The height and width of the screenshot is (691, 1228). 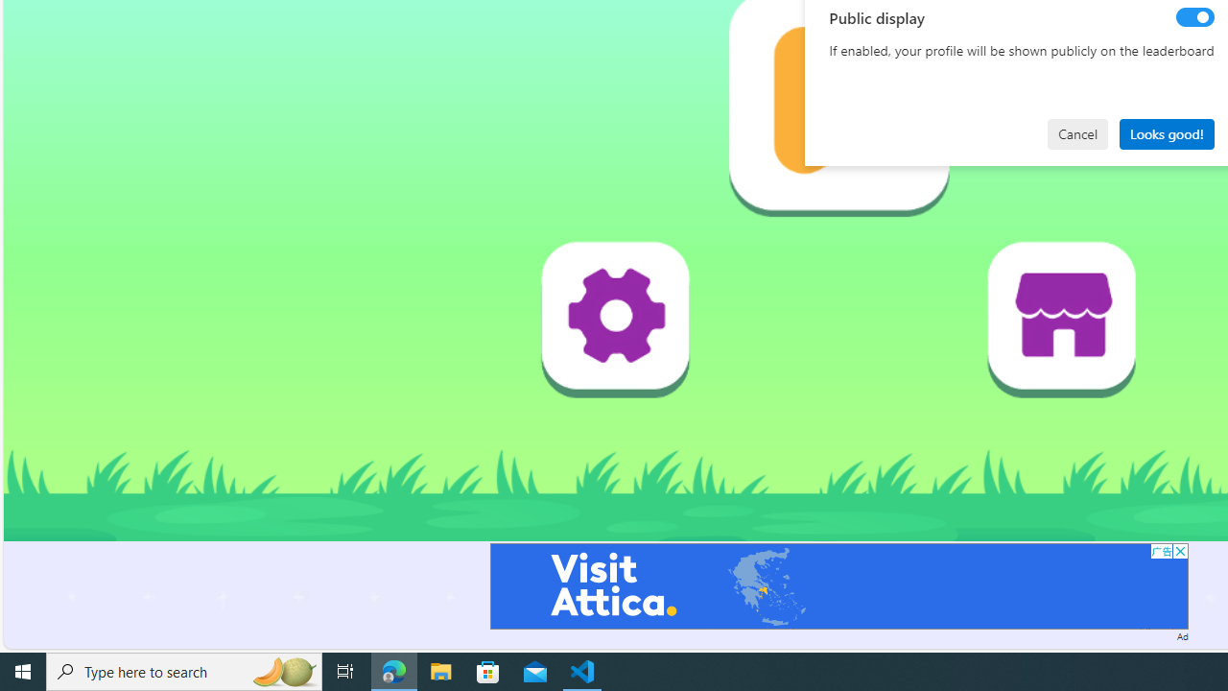 I want to click on 'Looks good!', so click(x=1166, y=132).